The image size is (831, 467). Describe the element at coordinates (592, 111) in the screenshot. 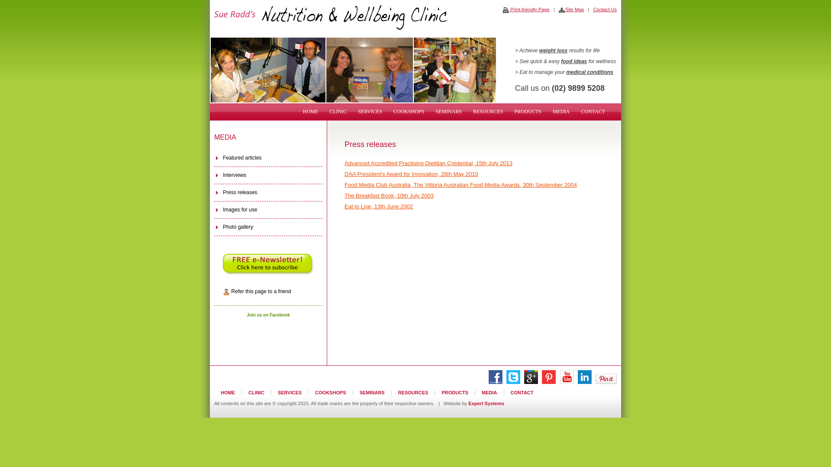

I see `'CONTACT'` at that location.